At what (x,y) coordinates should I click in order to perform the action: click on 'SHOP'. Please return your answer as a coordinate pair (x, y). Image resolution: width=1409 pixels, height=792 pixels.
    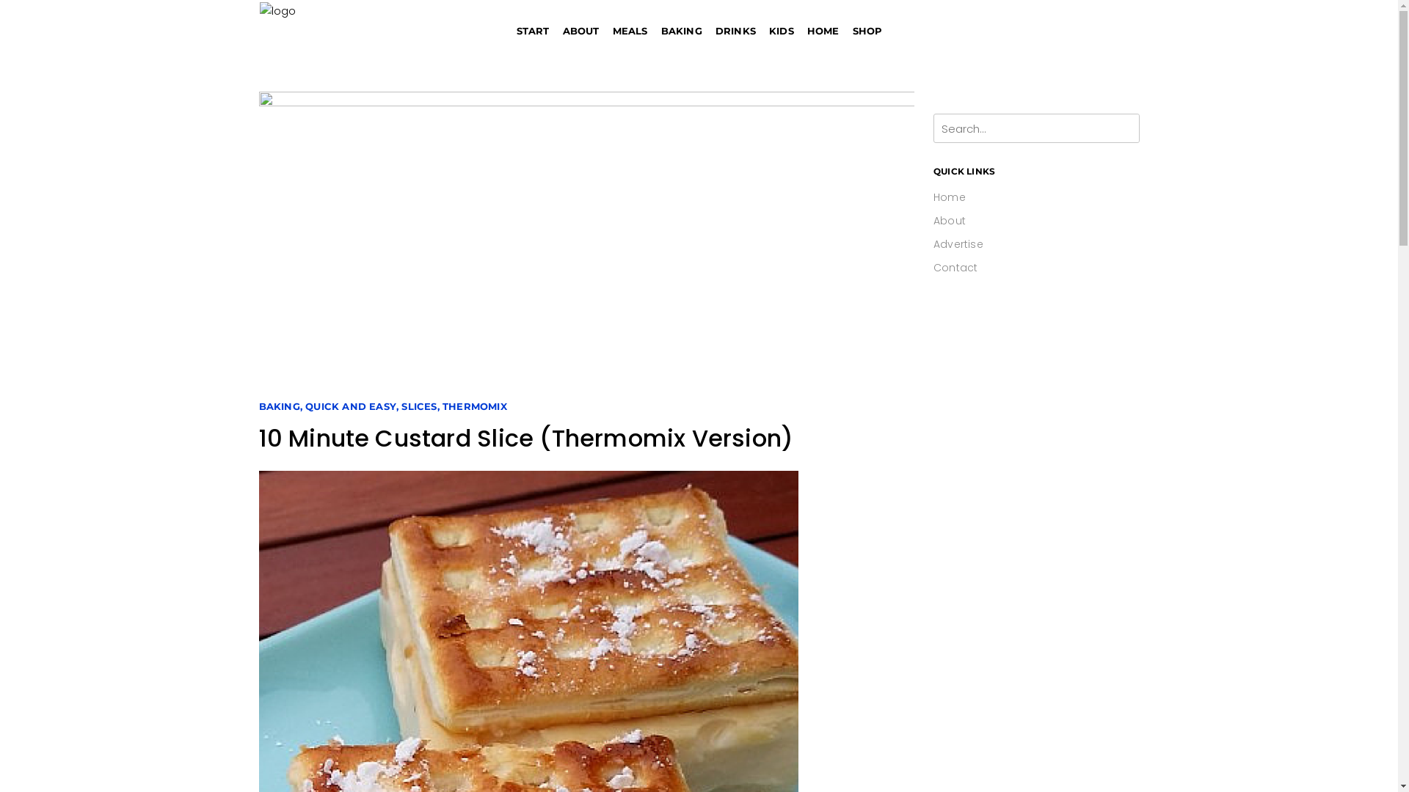
    Looking at the image, I should click on (845, 31).